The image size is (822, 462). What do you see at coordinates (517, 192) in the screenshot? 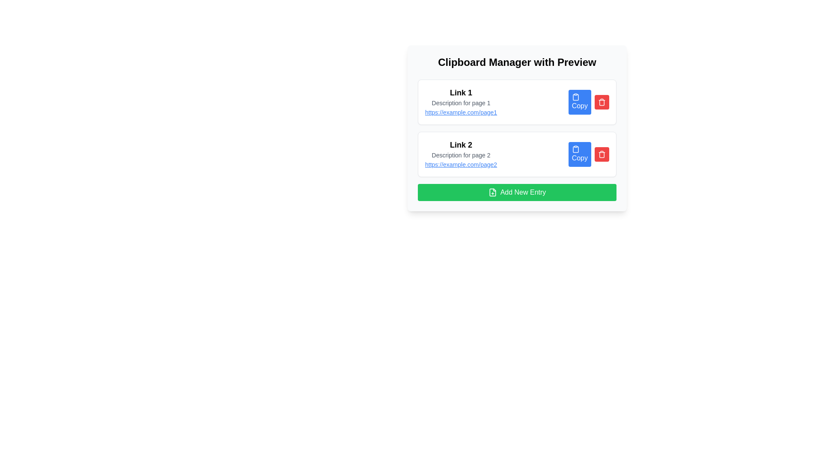
I see `the 'Add New Entry' button, which is a rectangular button with a green background and white text, located at the bottom of the 'Clipboard Manager with Preview' section` at bounding box center [517, 192].